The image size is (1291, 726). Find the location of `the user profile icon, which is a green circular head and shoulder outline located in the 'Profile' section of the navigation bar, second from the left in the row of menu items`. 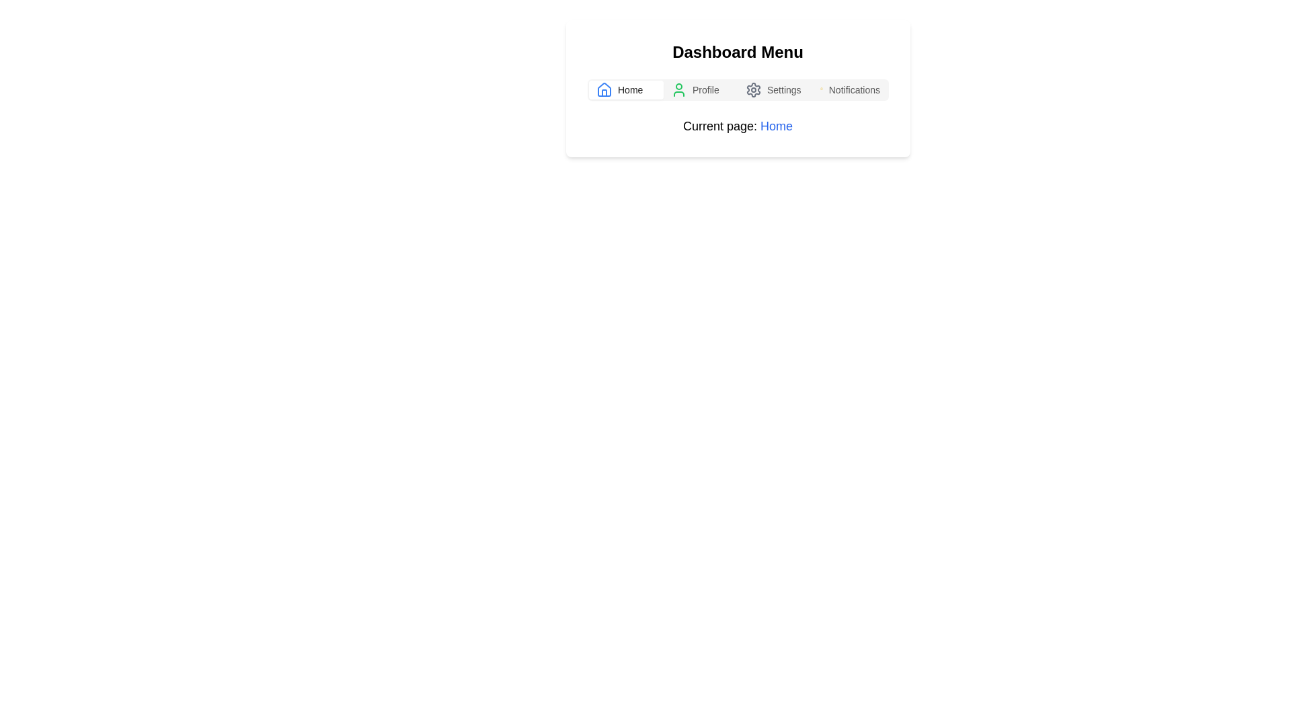

the user profile icon, which is a green circular head and shoulder outline located in the 'Profile' section of the navigation bar, second from the left in the row of menu items is located at coordinates (678, 90).